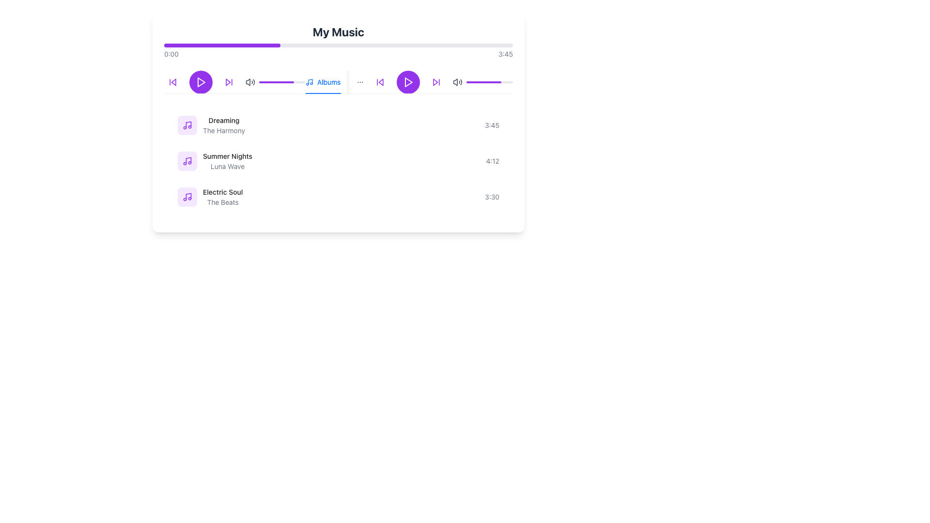  Describe the element at coordinates (187, 160) in the screenshot. I see `the decorative icon representing the song 'Summer Nights' which is positioned to the left of the text in the music list` at that location.